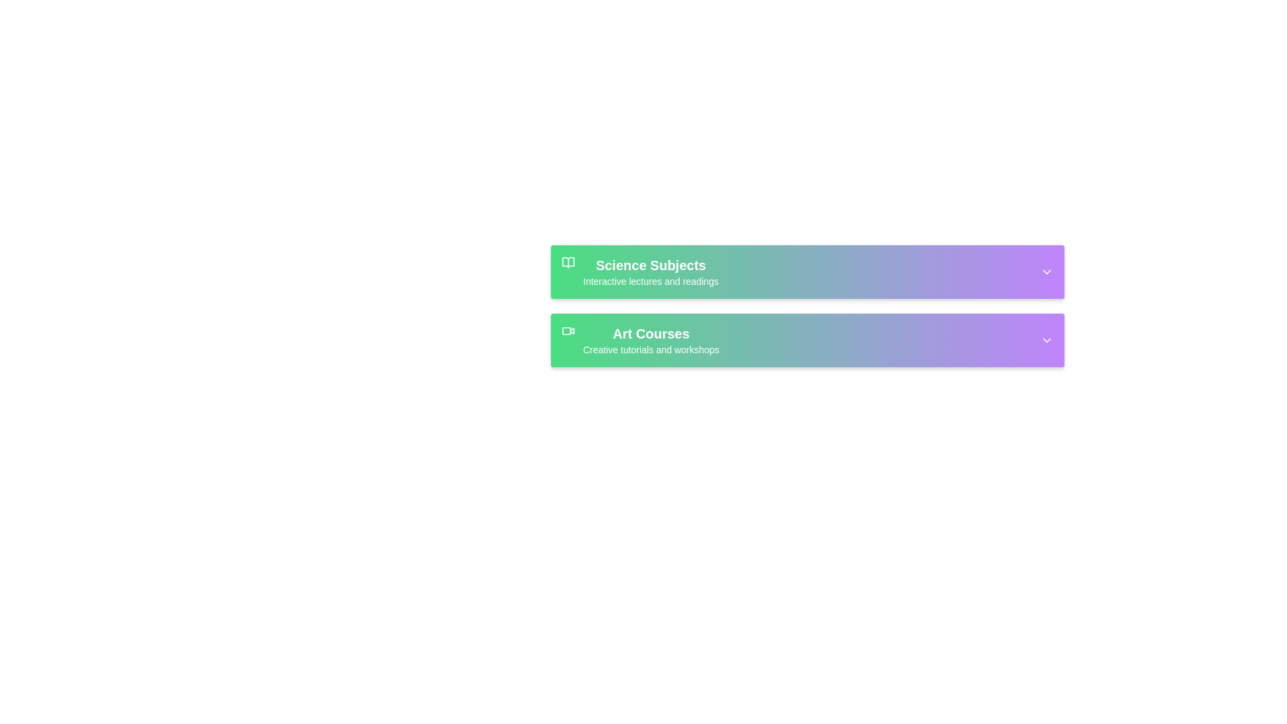  I want to click on text label titled 'Science Subjects' which is prominently displayed at the top of the section with a gradient green-to-purple background, so click(651, 265).